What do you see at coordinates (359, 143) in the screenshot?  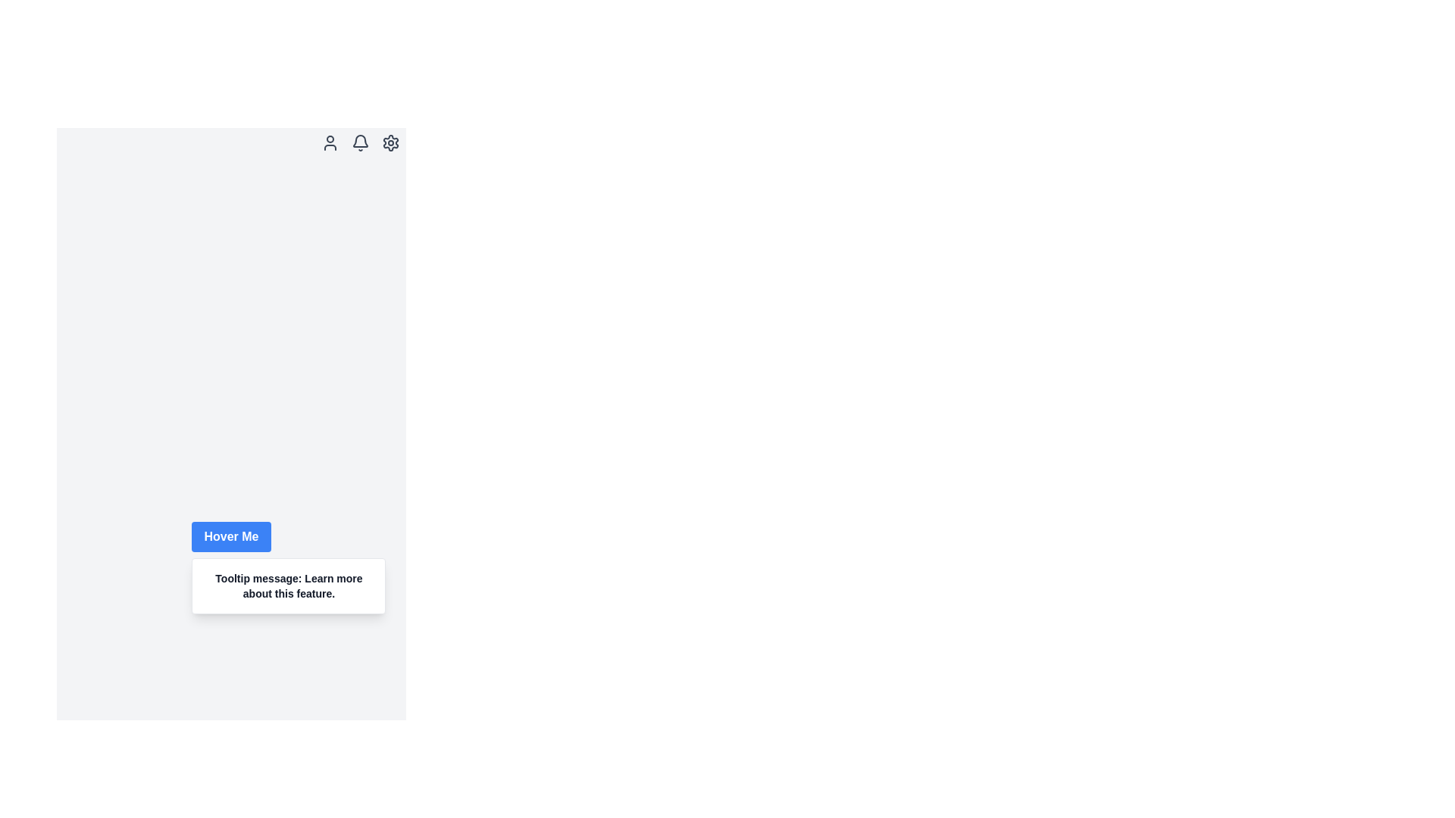 I see `the notification bell icon button located between the user icon and settings icon in the top-right corner` at bounding box center [359, 143].